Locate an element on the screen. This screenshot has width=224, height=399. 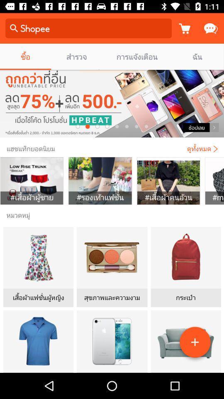
the add icon is located at coordinates (195, 344).